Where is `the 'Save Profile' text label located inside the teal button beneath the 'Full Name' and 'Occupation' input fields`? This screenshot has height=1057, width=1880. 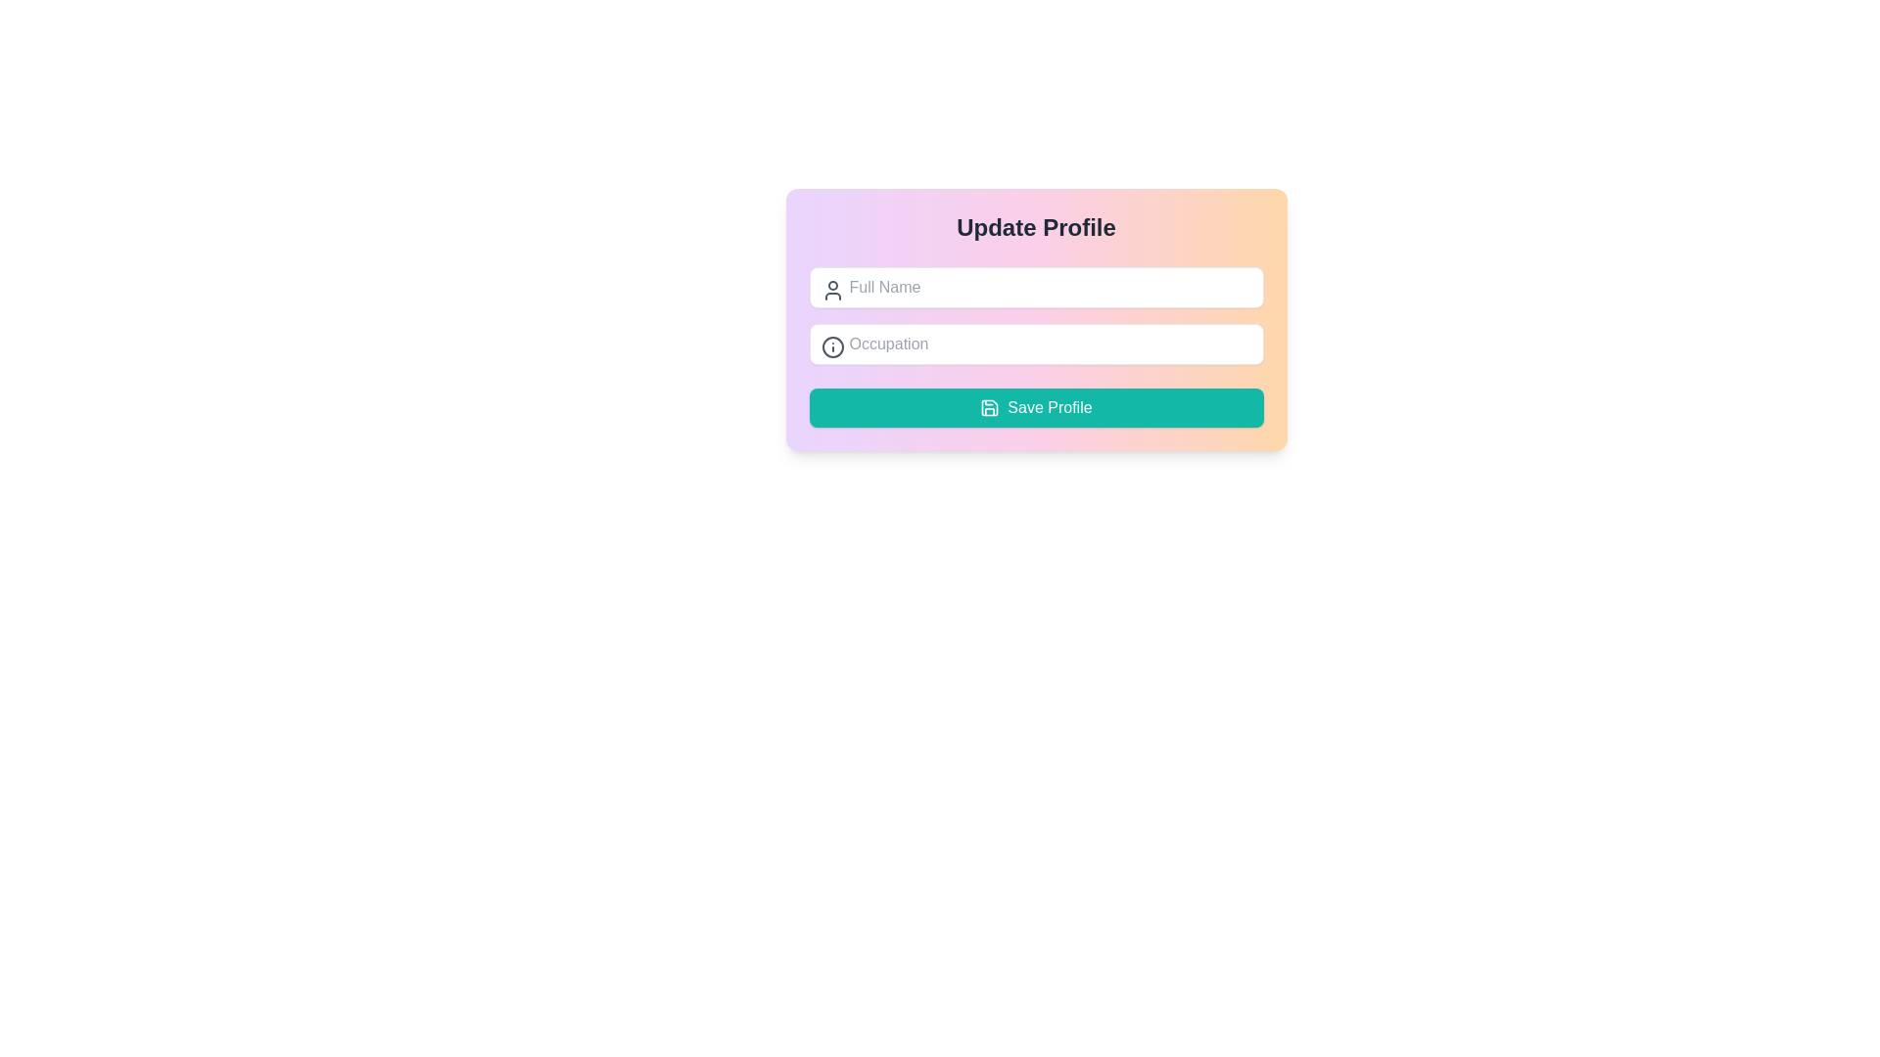
the 'Save Profile' text label located inside the teal button beneath the 'Full Name' and 'Occupation' input fields is located at coordinates (1049, 406).